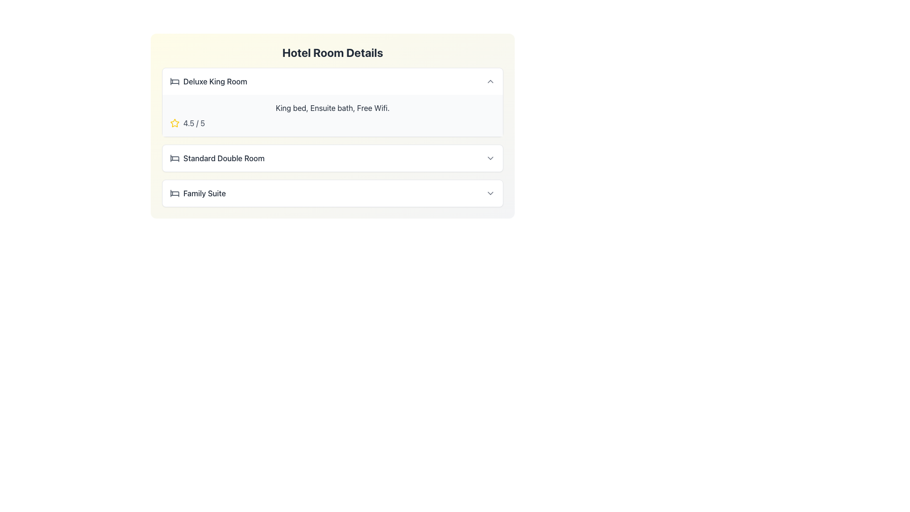 This screenshot has height=512, width=910. What do you see at coordinates (332, 193) in the screenshot?
I see `the 'Family Suite' interactive list item` at bounding box center [332, 193].